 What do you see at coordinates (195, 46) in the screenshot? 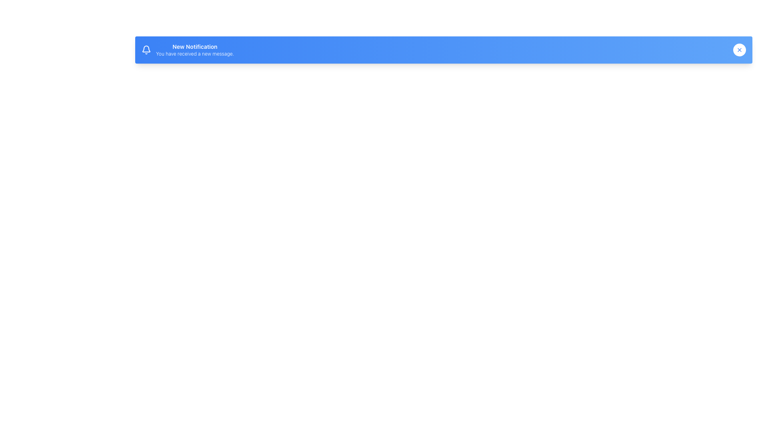
I see `Text Label that serves as the title or heading of the notification, located in the top left section of the notification card, above the 'You have received a new message.' text element` at bounding box center [195, 46].